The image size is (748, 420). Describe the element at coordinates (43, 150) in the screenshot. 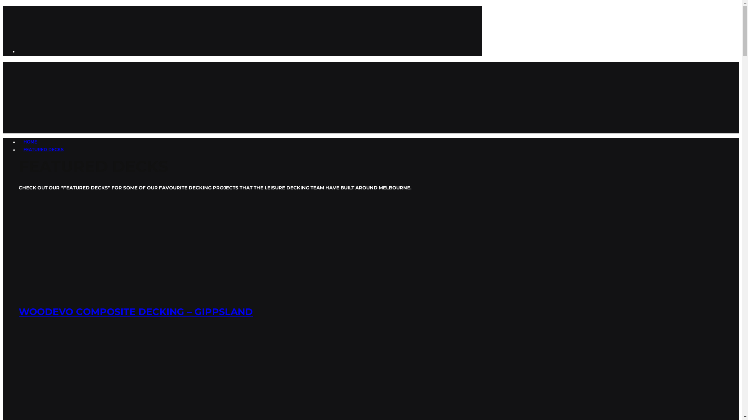

I see `'FEATURED DECKS'` at that location.